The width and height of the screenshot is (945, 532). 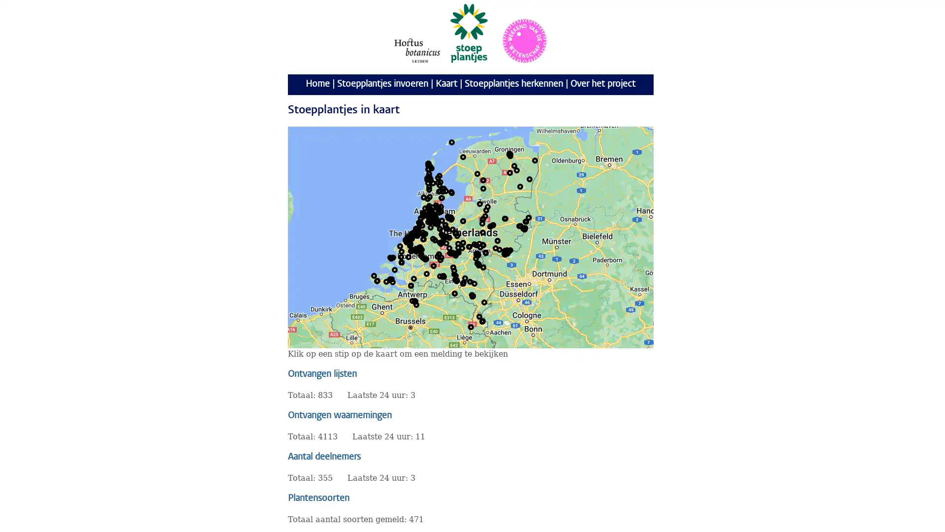 What do you see at coordinates (434, 216) in the screenshot?
I see `Telling van Annabel Luke op 21 april 2022` at bounding box center [434, 216].